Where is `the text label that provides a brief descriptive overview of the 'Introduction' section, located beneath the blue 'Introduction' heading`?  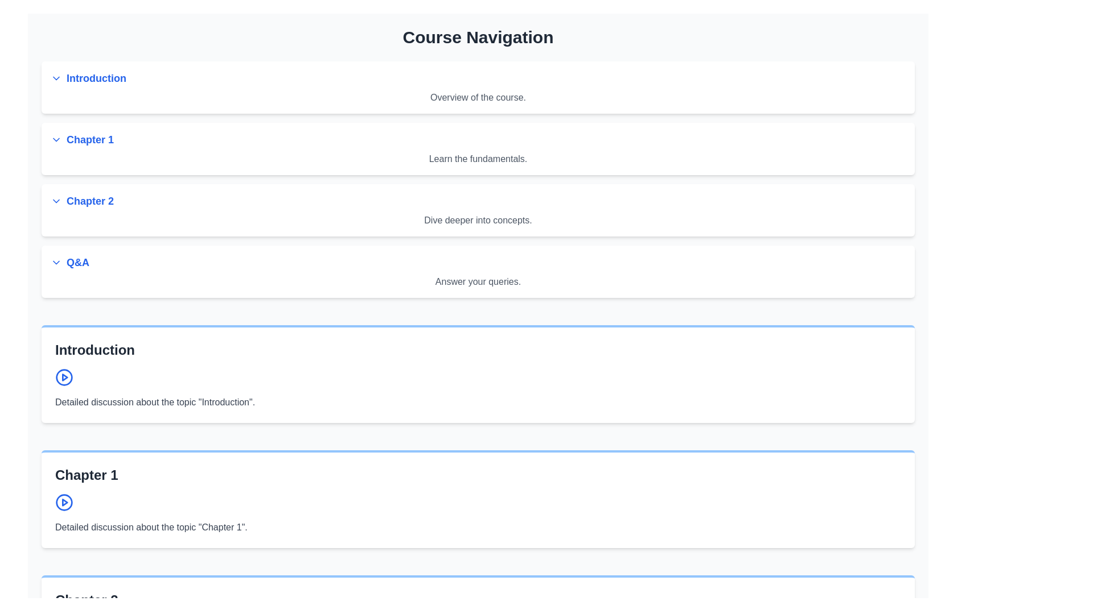
the text label that provides a brief descriptive overview of the 'Introduction' section, located beneath the blue 'Introduction' heading is located at coordinates (478, 97).